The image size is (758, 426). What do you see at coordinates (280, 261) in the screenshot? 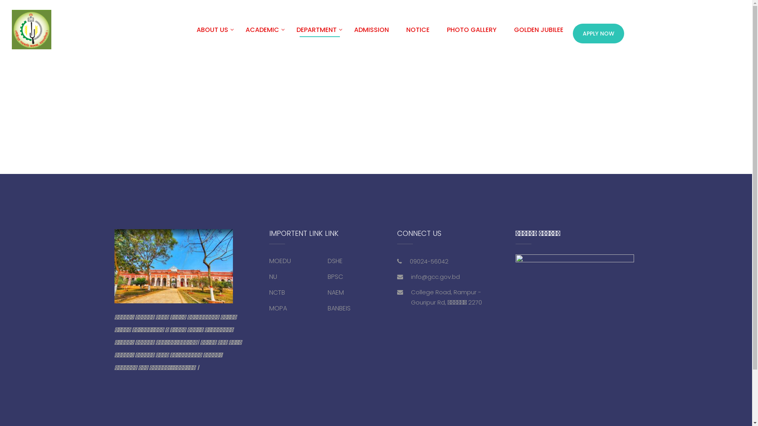
I see `'MOEDU'` at bounding box center [280, 261].